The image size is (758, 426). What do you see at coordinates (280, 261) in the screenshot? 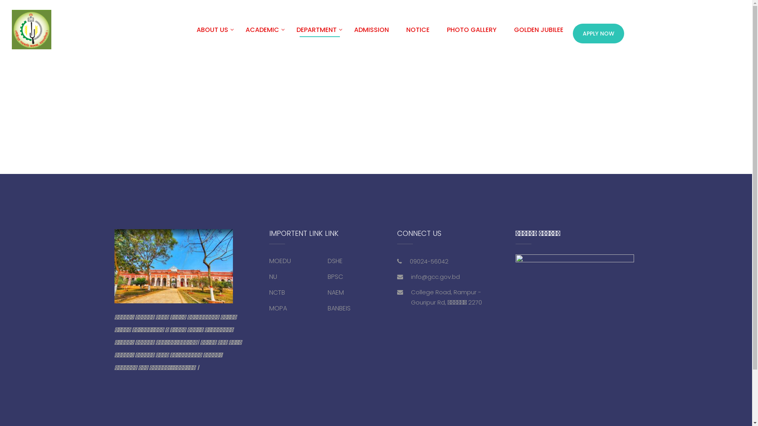
I see `'MOEDU'` at bounding box center [280, 261].